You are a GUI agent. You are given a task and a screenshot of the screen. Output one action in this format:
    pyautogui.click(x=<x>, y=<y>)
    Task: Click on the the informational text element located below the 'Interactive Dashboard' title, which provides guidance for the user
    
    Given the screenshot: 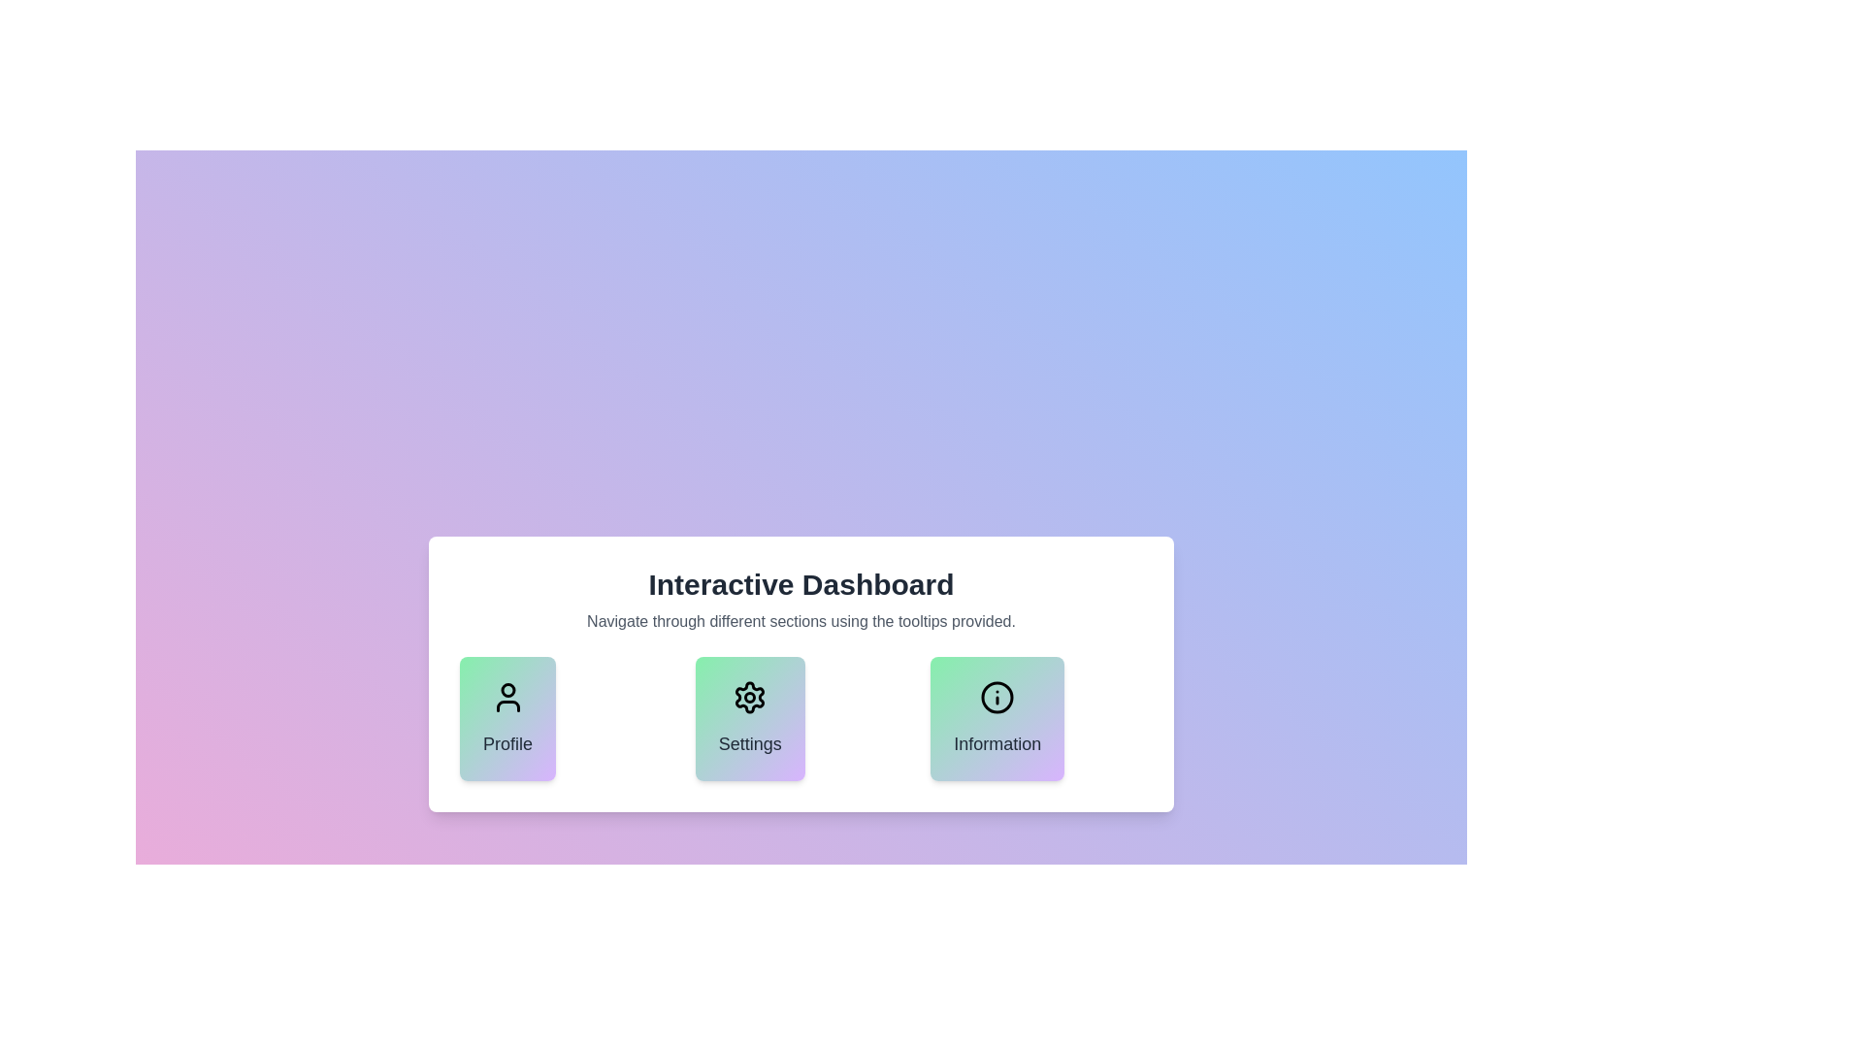 What is the action you would take?
    pyautogui.click(x=801, y=621)
    